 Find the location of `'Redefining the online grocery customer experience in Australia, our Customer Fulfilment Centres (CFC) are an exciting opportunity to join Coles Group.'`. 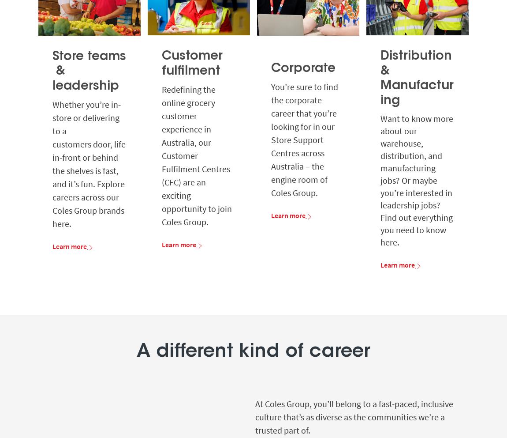

'Redefining the online grocery customer experience in Australia, our Customer Fulfilment Centres (CFC) are an exciting opportunity to join Coles Group.' is located at coordinates (161, 155).